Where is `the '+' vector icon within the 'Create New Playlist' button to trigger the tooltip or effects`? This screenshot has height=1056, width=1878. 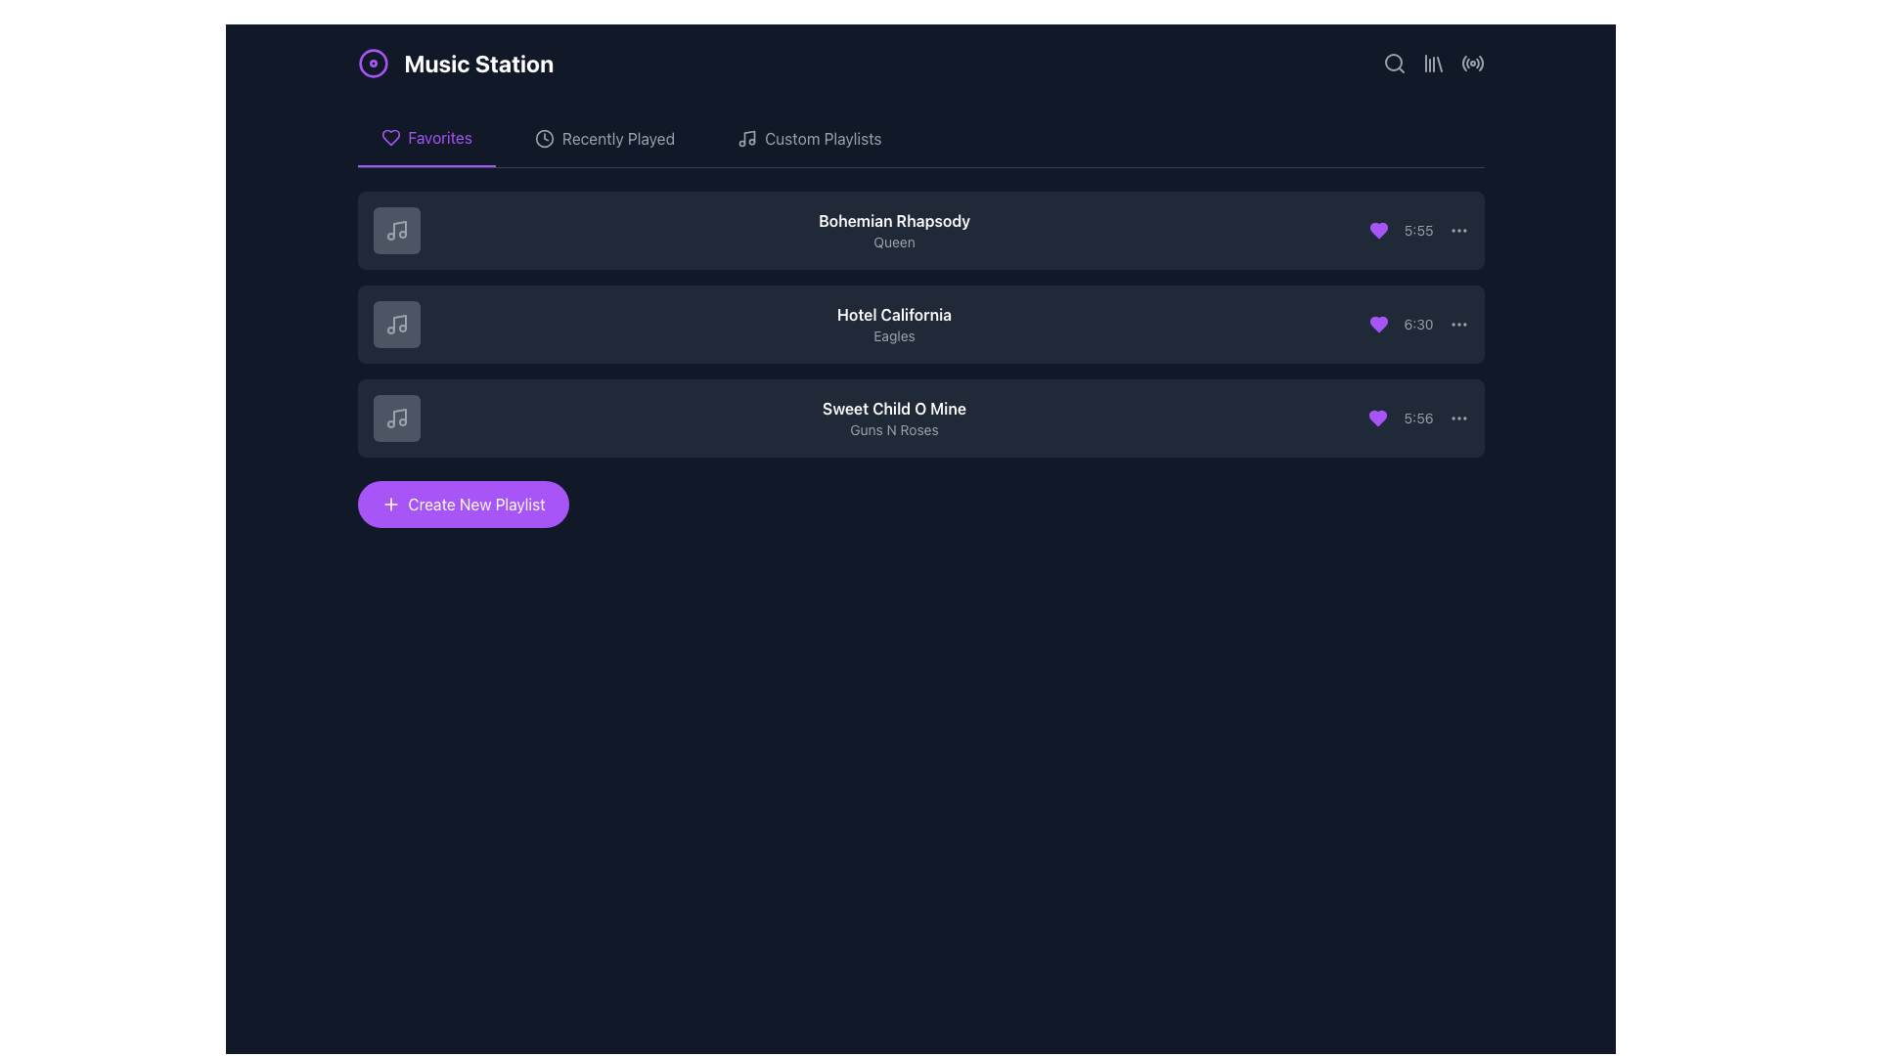
the '+' vector icon within the 'Create New Playlist' button to trigger the tooltip or effects is located at coordinates (390, 504).